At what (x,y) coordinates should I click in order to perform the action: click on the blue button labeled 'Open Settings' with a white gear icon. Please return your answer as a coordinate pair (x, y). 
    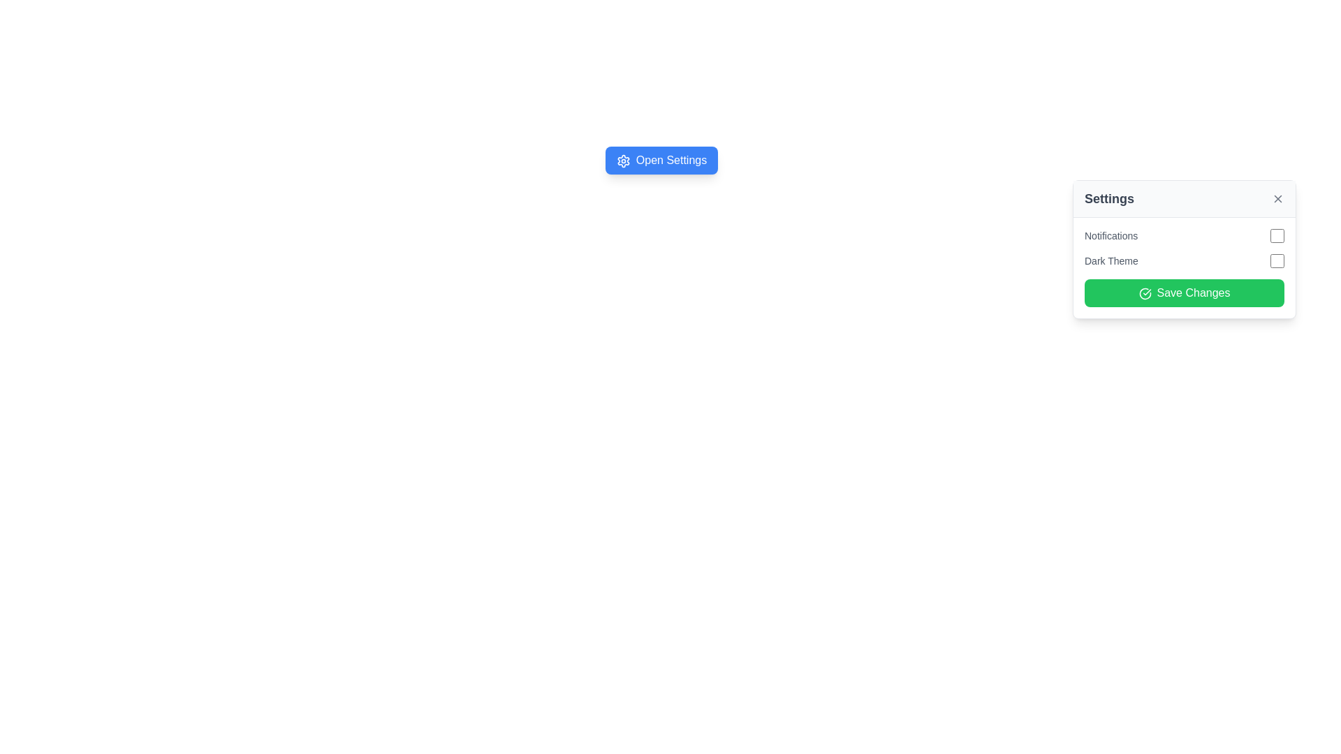
    Looking at the image, I should click on (661, 160).